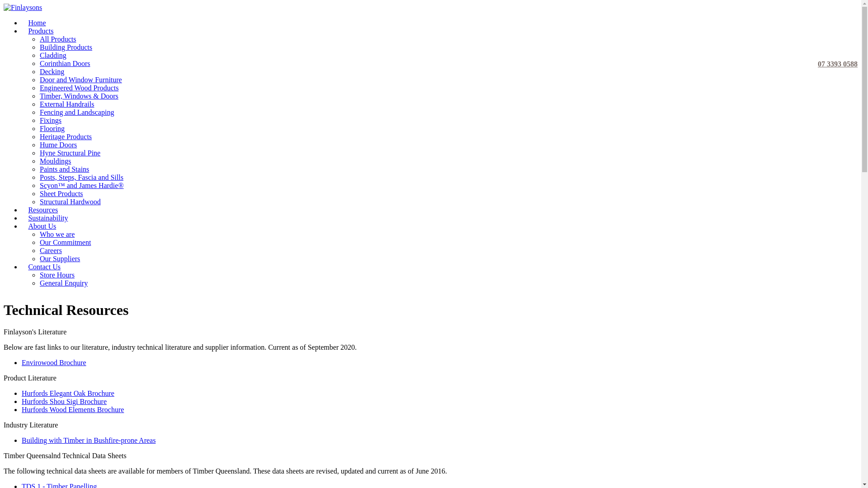 The height and width of the screenshot is (488, 868). What do you see at coordinates (39, 274) in the screenshot?
I see `'Store Hours'` at bounding box center [39, 274].